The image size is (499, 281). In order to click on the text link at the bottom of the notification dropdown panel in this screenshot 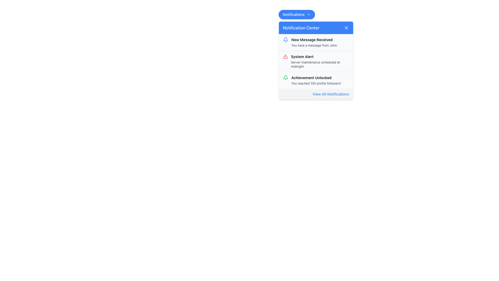, I will do `click(330, 94)`.